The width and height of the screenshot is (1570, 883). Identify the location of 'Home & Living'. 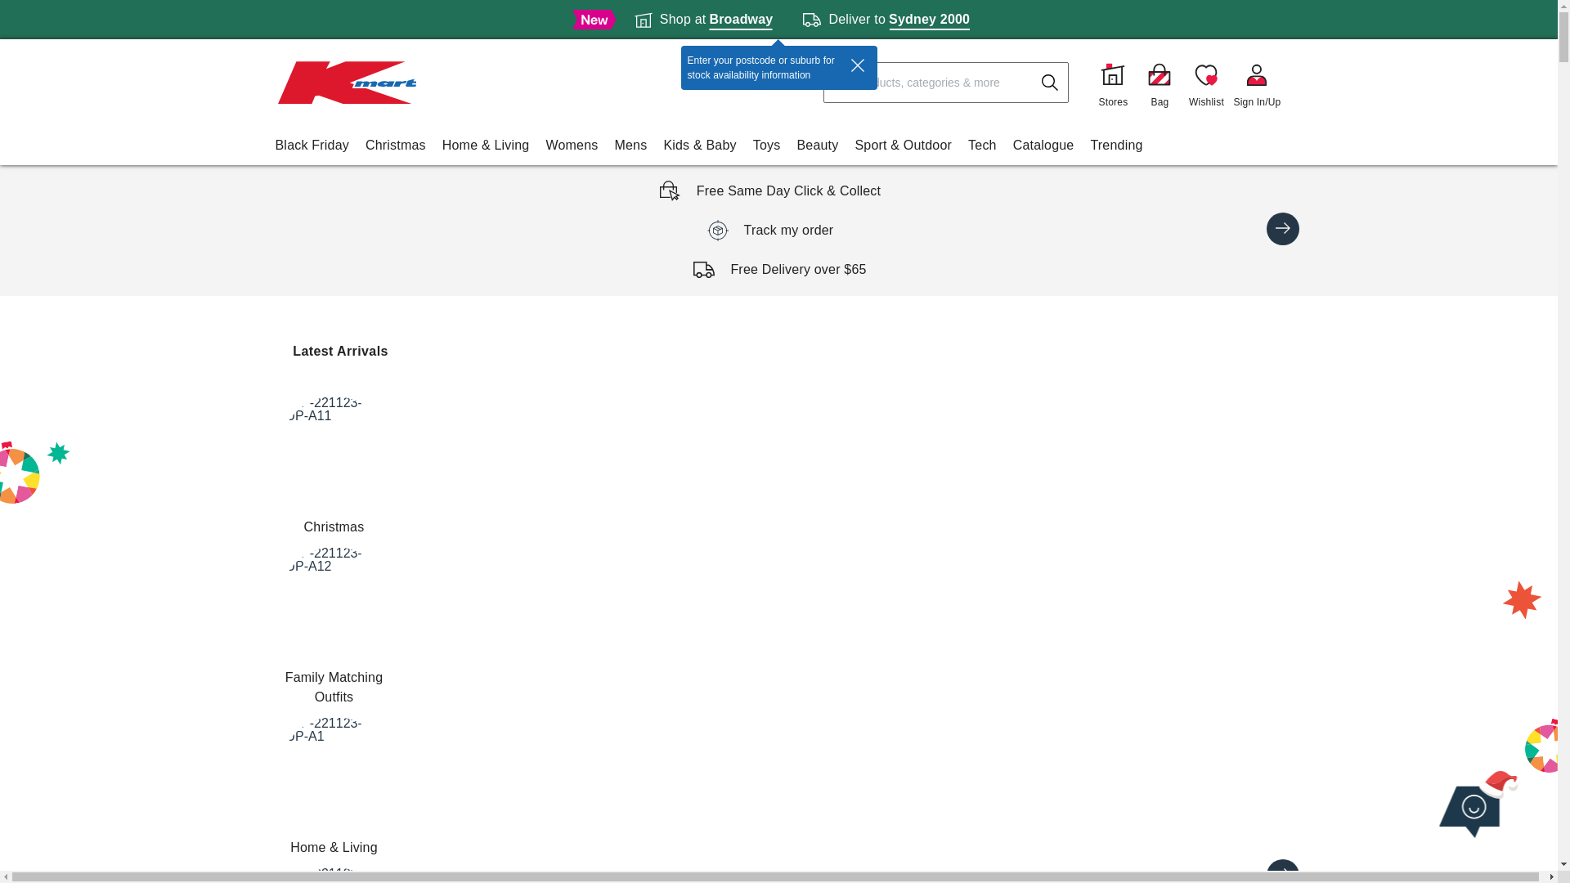
(485, 144).